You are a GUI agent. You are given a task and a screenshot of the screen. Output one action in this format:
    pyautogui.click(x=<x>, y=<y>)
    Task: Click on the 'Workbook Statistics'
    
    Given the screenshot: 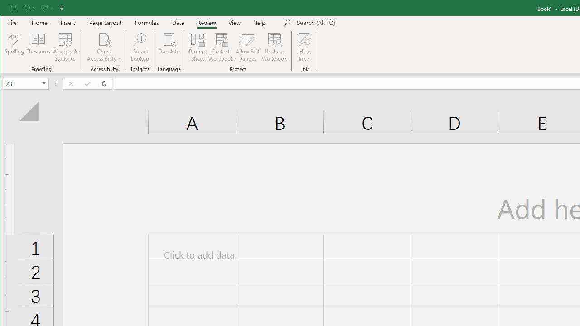 What is the action you would take?
    pyautogui.click(x=65, y=47)
    